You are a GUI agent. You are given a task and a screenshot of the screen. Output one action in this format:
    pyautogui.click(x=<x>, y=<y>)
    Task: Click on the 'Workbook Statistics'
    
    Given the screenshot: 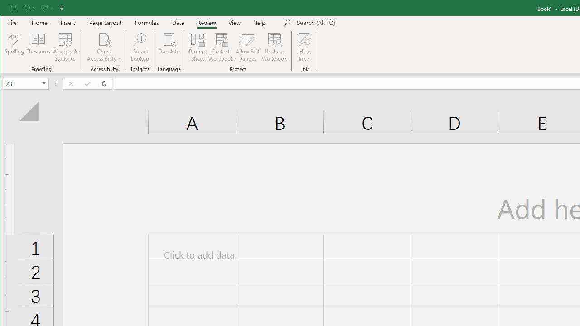 What is the action you would take?
    pyautogui.click(x=65, y=47)
    